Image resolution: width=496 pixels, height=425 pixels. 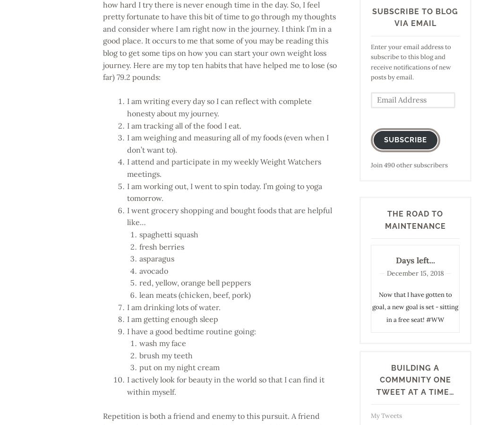 What do you see at coordinates (230, 216) in the screenshot?
I see `'I went grocery shopping and bought foods that are helpful like…'` at bounding box center [230, 216].